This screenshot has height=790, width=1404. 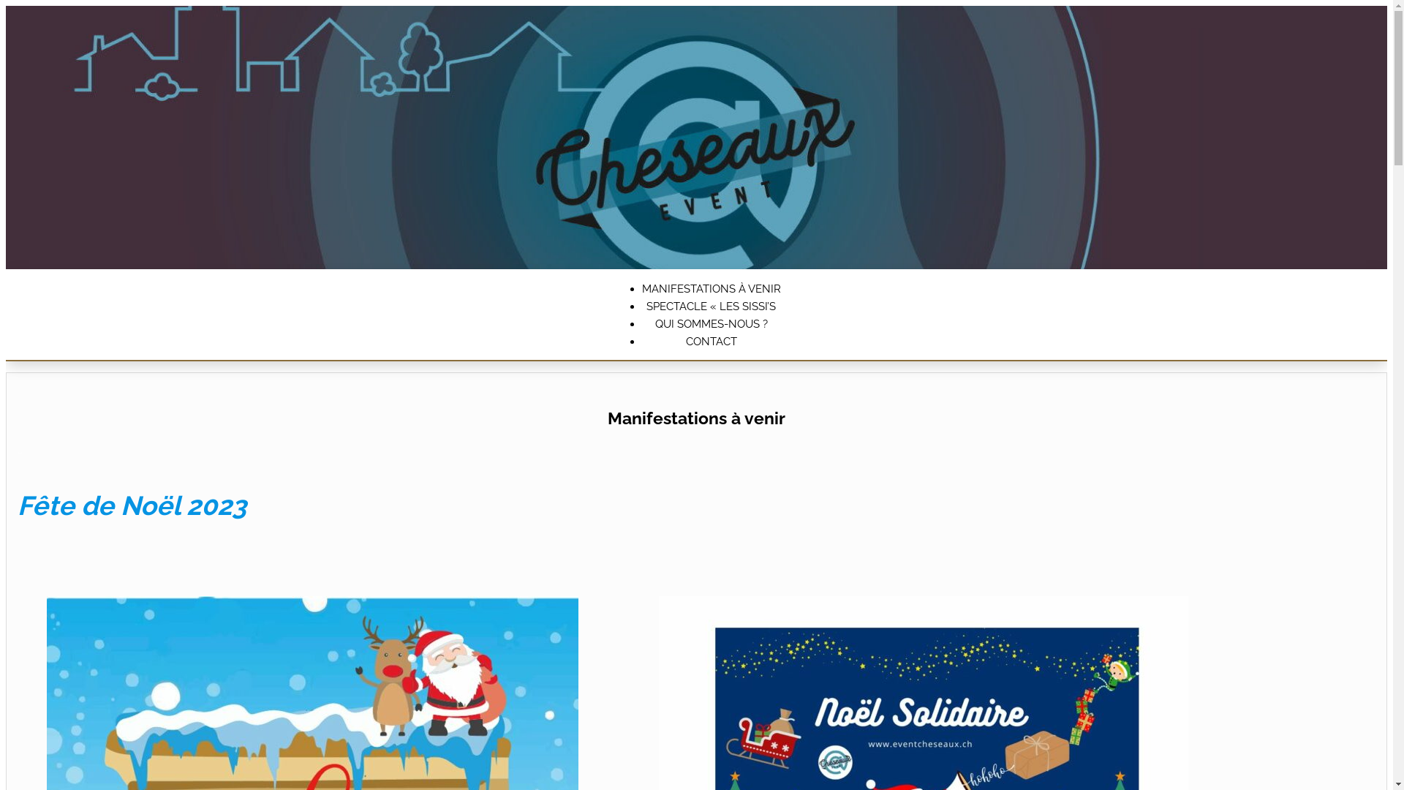 What do you see at coordinates (712, 323) in the screenshot?
I see `'QUI SOMMES-NOUS ?'` at bounding box center [712, 323].